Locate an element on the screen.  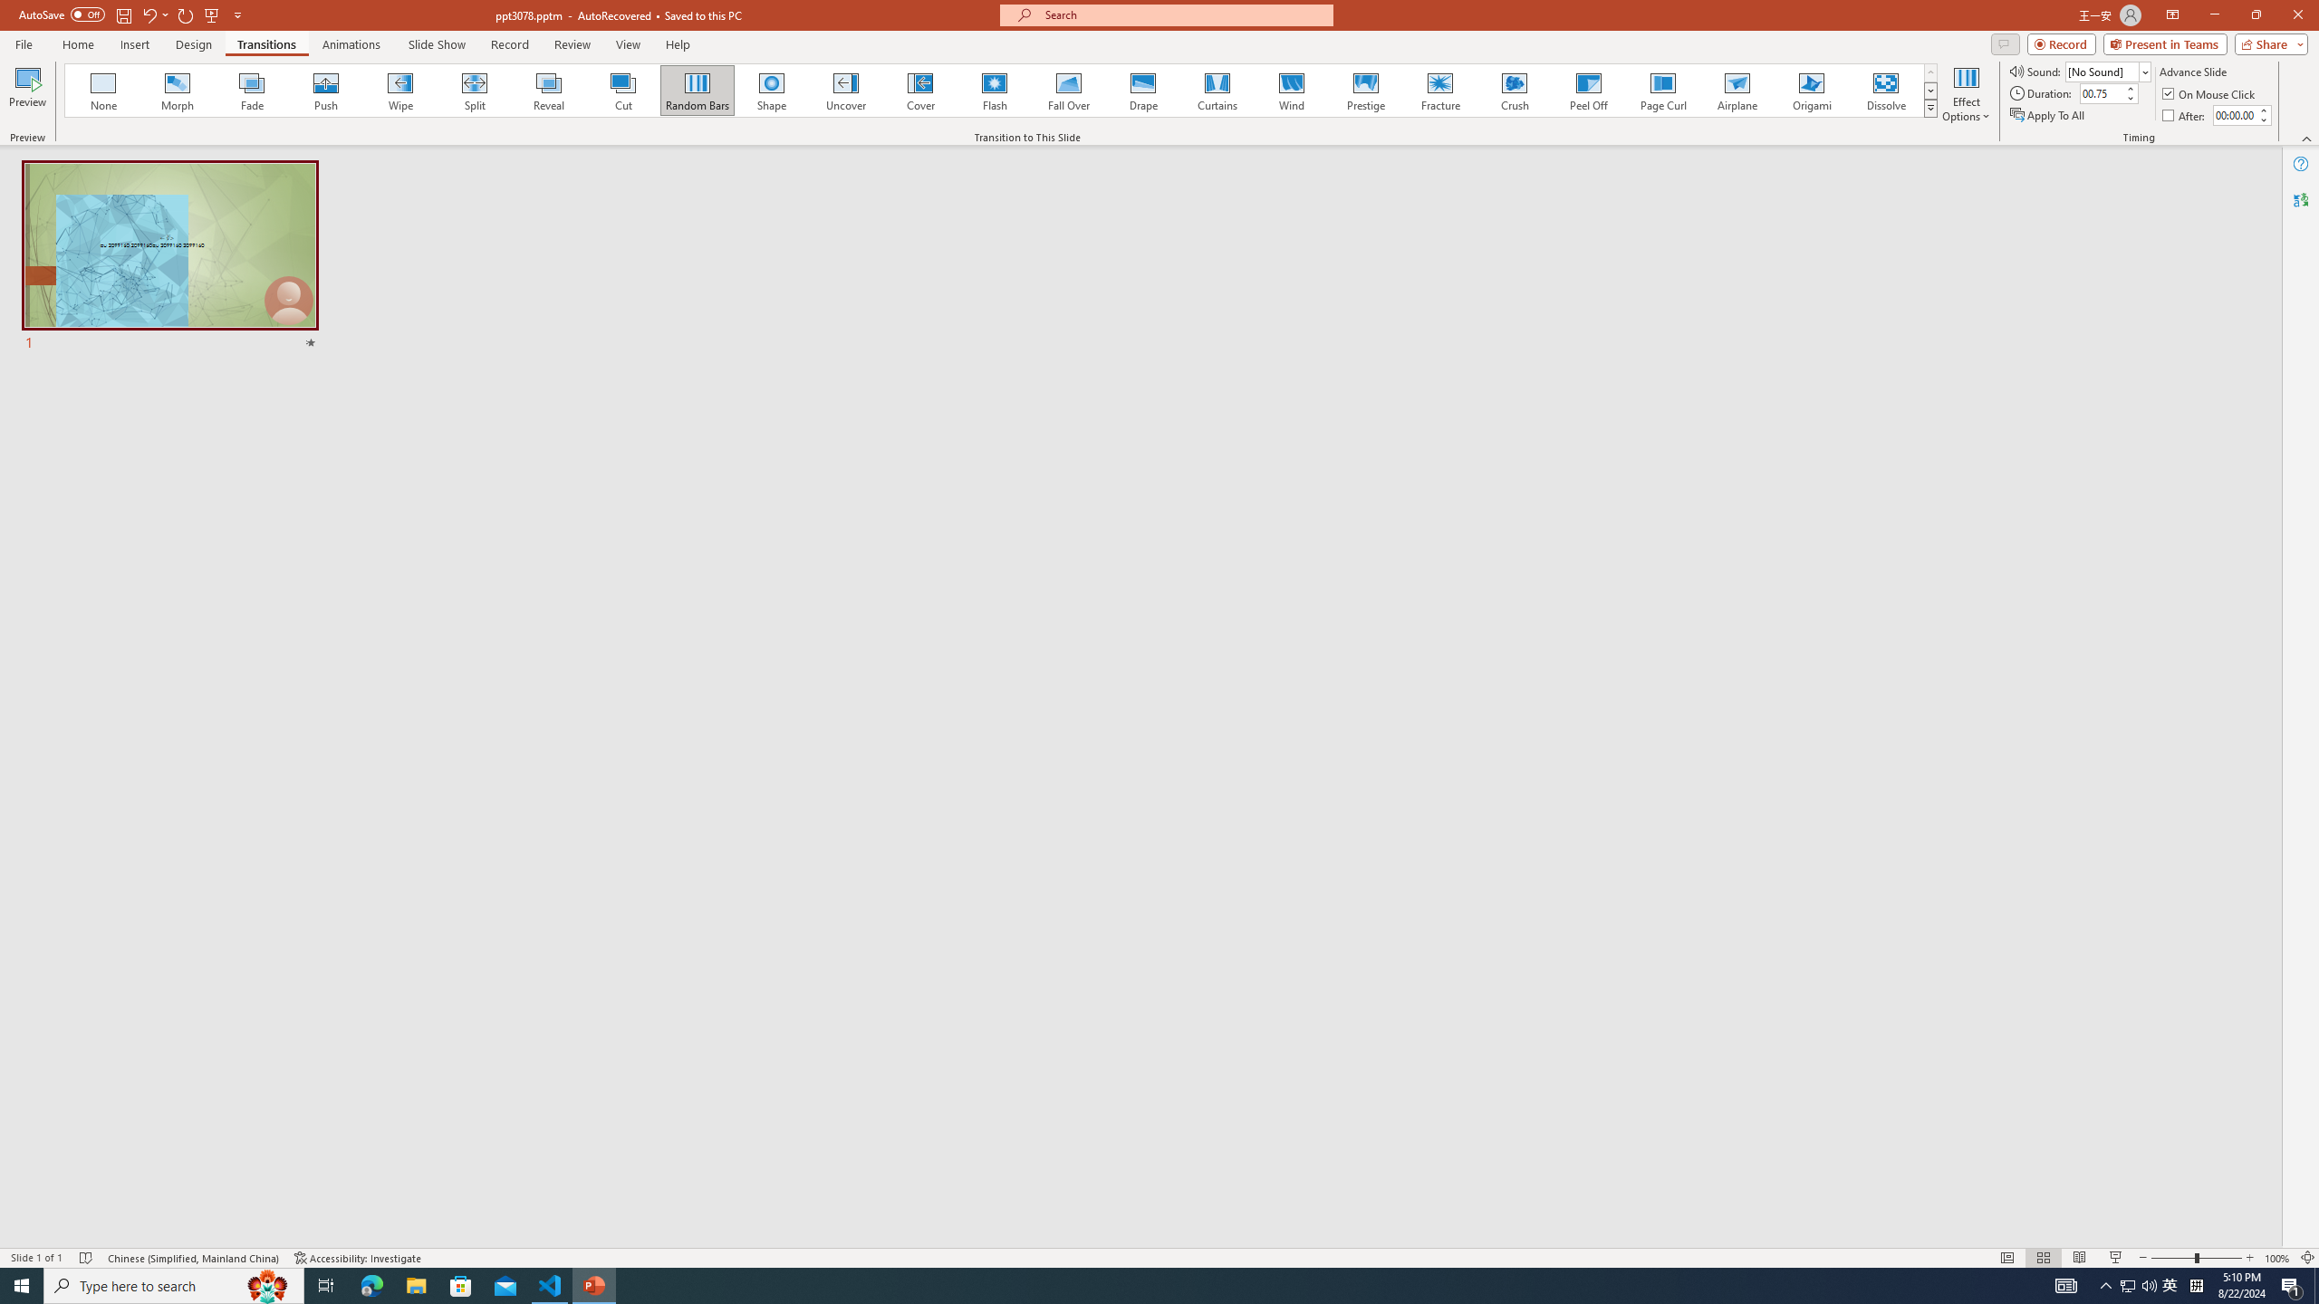
'Origami' is located at coordinates (1810, 90).